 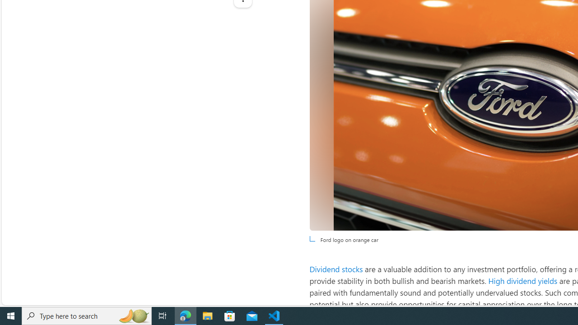 What do you see at coordinates (336, 268) in the screenshot?
I see `'Dividend stocks'` at bounding box center [336, 268].